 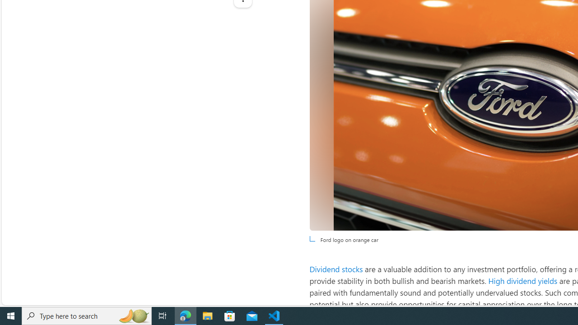 What do you see at coordinates (336, 268) in the screenshot?
I see `'Dividend stocks'` at bounding box center [336, 268].